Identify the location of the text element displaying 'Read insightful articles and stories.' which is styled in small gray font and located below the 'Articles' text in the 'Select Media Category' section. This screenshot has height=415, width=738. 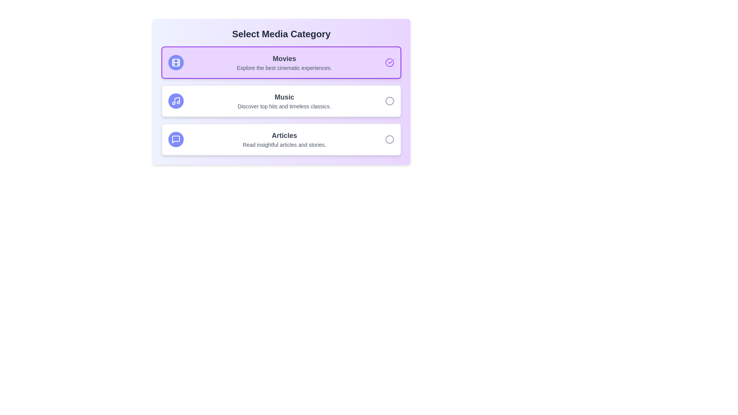
(284, 145).